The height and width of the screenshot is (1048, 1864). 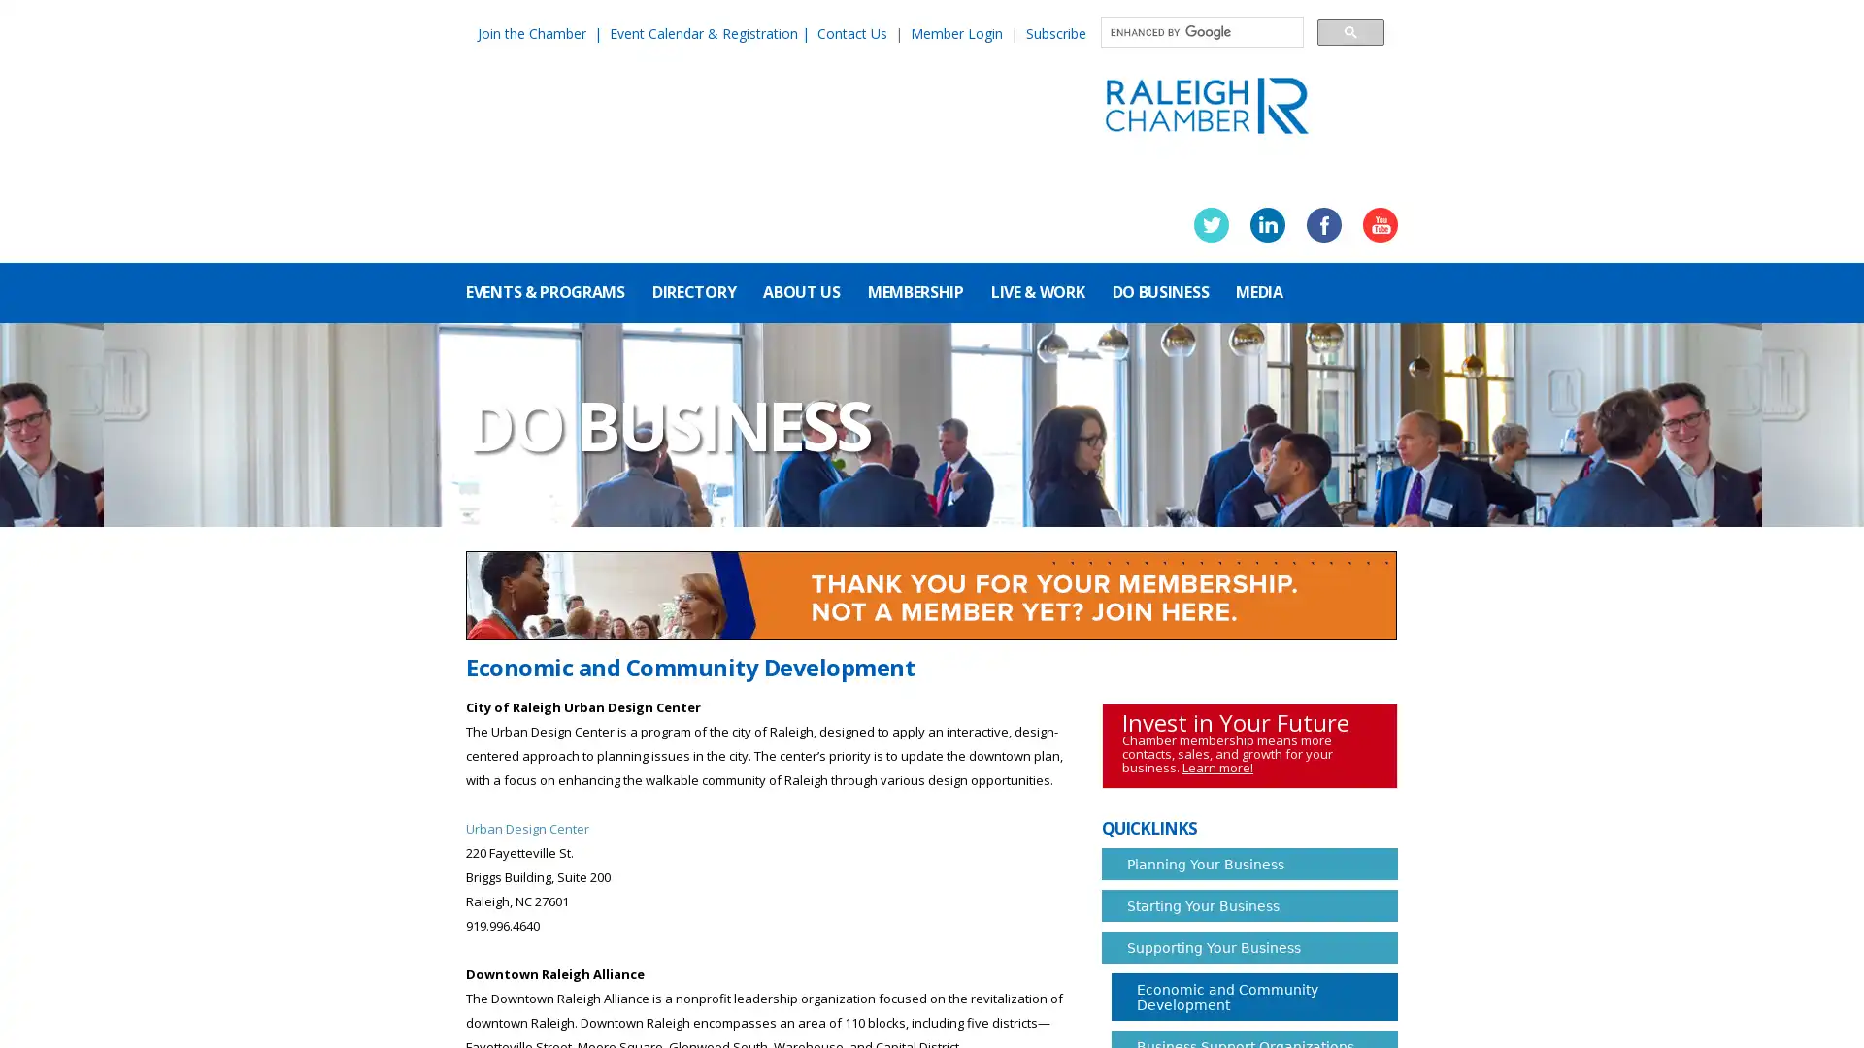 I want to click on search, so click(x=1349, y=31).